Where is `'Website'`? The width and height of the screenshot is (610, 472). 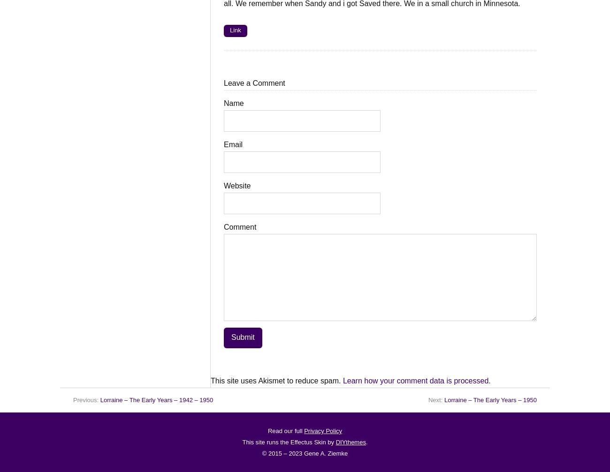
'Website' is located at coordinates (237, 186).